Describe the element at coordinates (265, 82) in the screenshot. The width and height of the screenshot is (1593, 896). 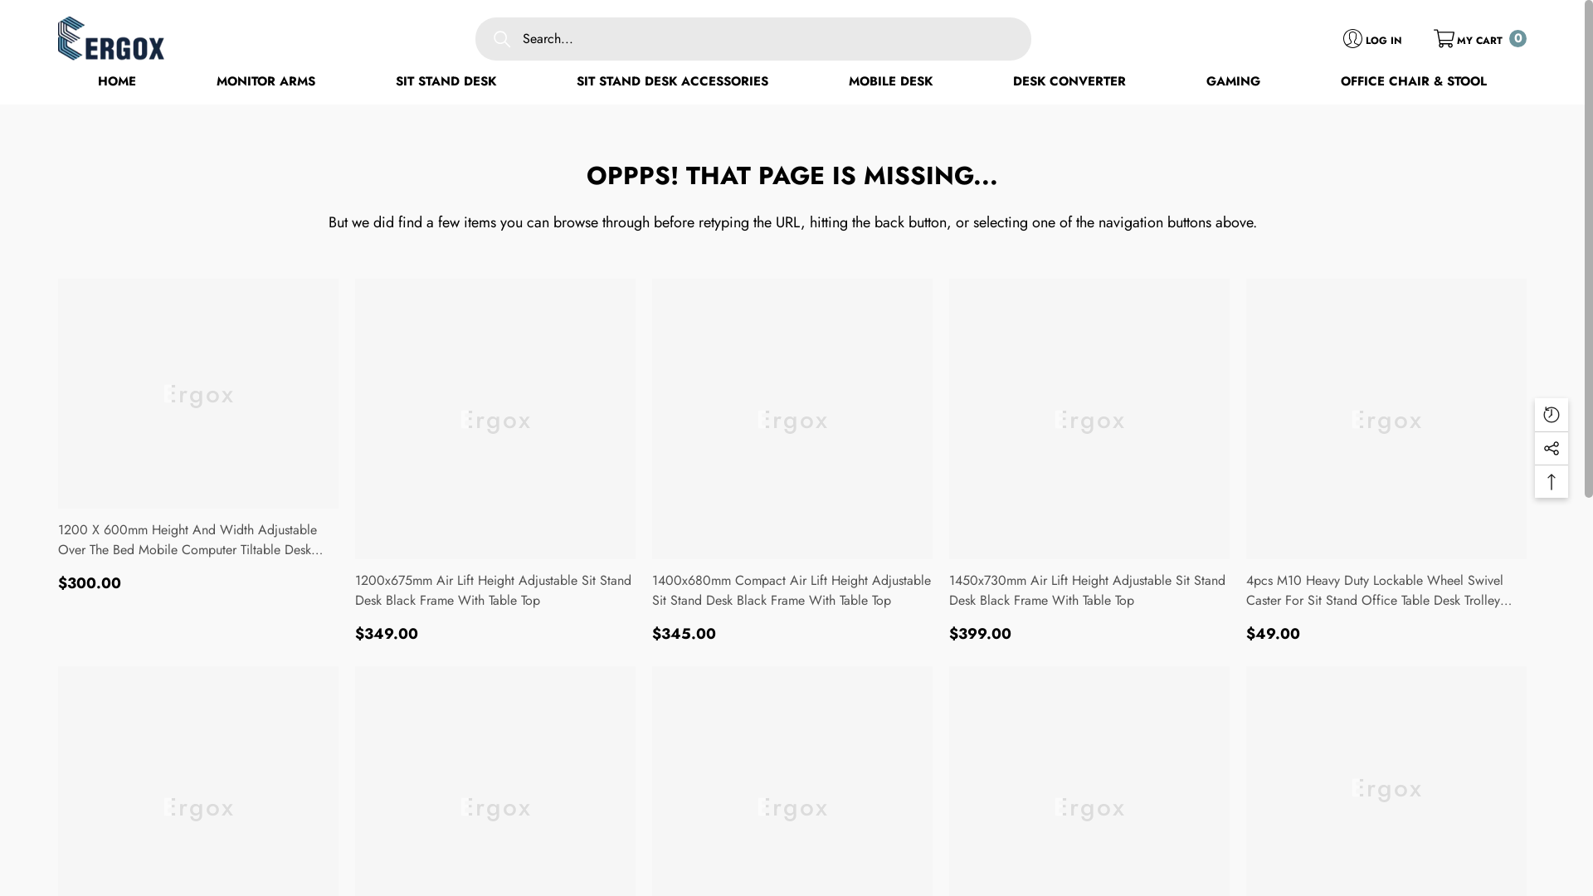
I see `'MONITOR ARMS'` at that location.